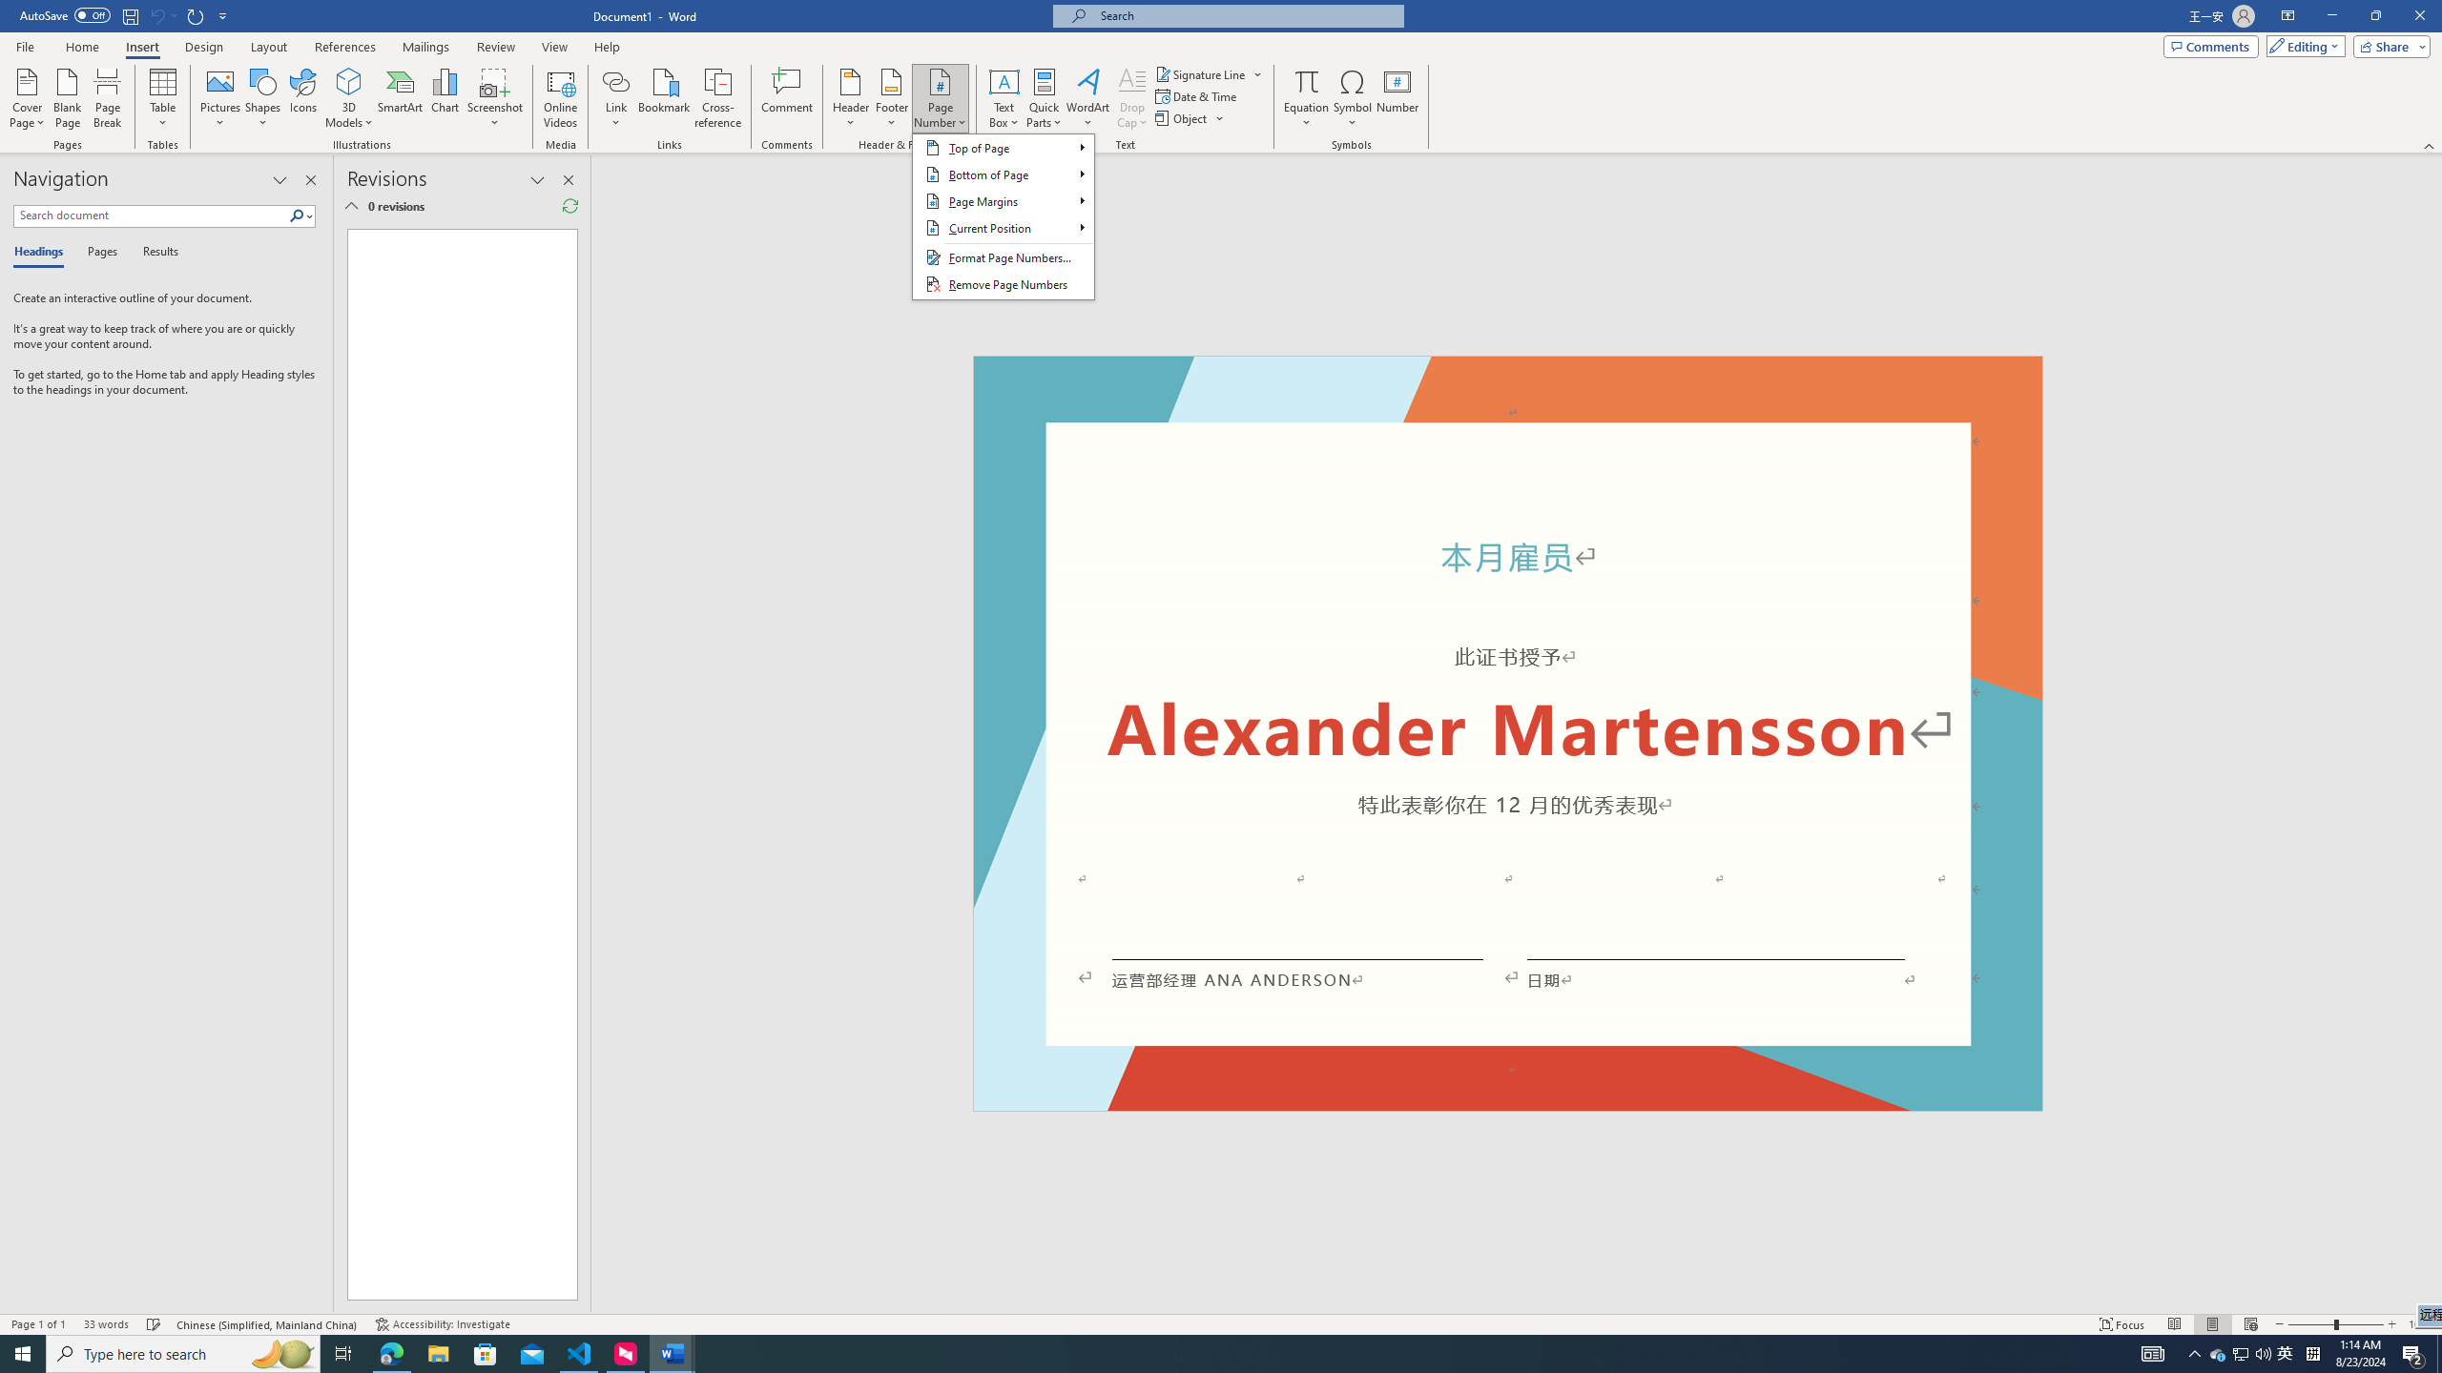  What do you see at coordinates (390, 1352) in the screenshot?
I see `'Microsoft Edge - 1 running window'` at bounding box center [390, 1352].